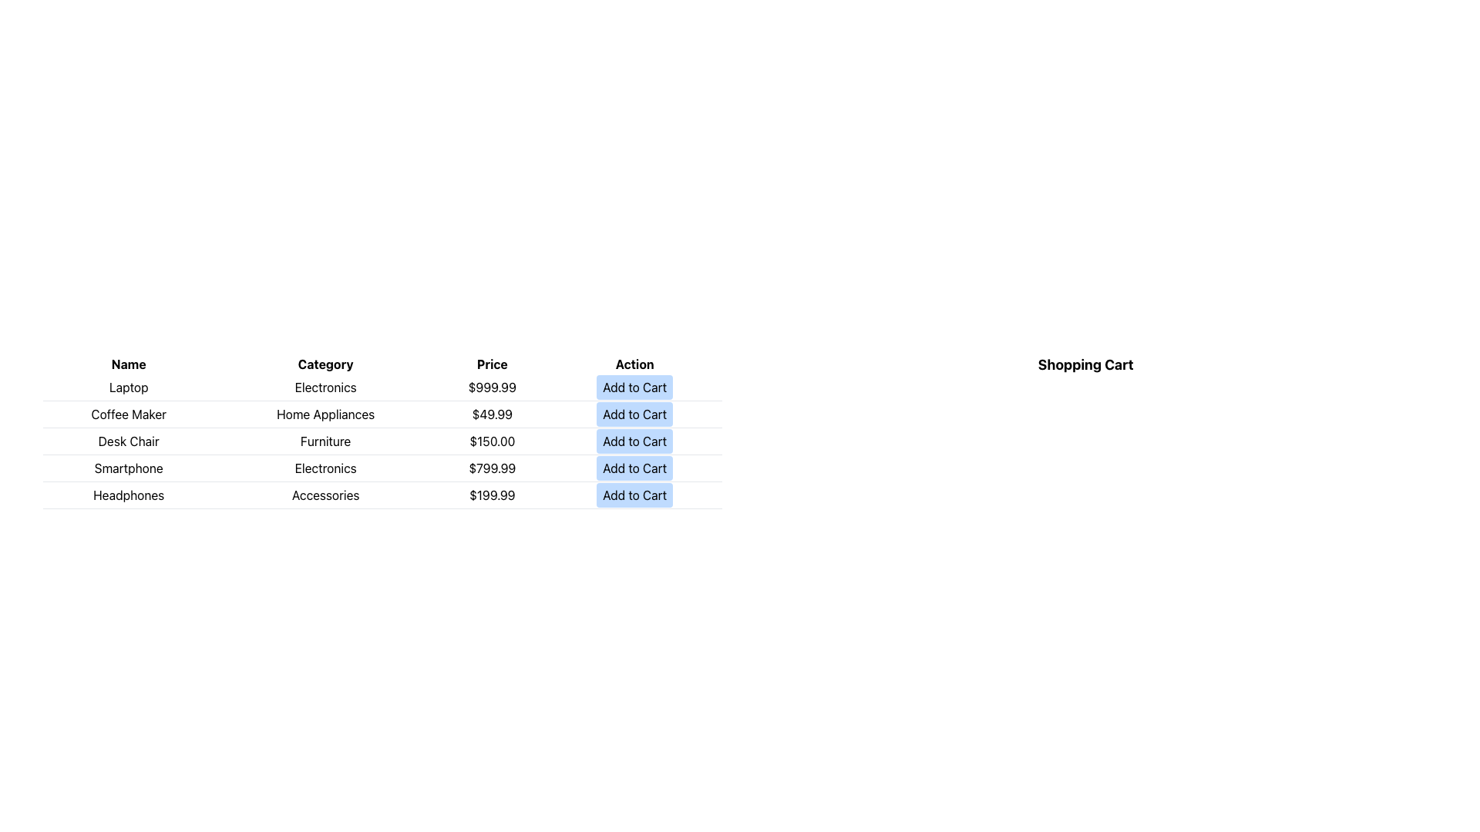 This screenshot has width=1480, height=832. I want to click on the Text Label indicating the category of the last row item's product, which is 'Headphones', located in the last row of the table under the 'Category' column, so click(325, 495).